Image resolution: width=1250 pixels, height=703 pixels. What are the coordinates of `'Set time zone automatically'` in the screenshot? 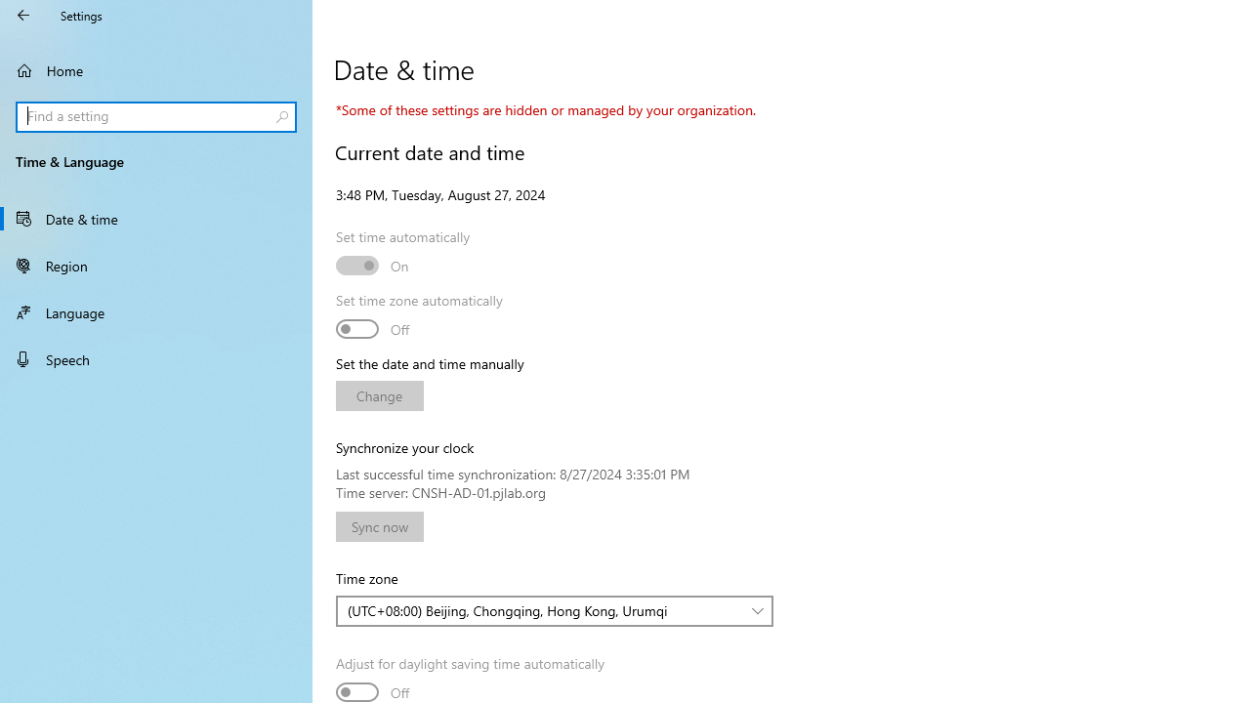 It's located at (373, 327).